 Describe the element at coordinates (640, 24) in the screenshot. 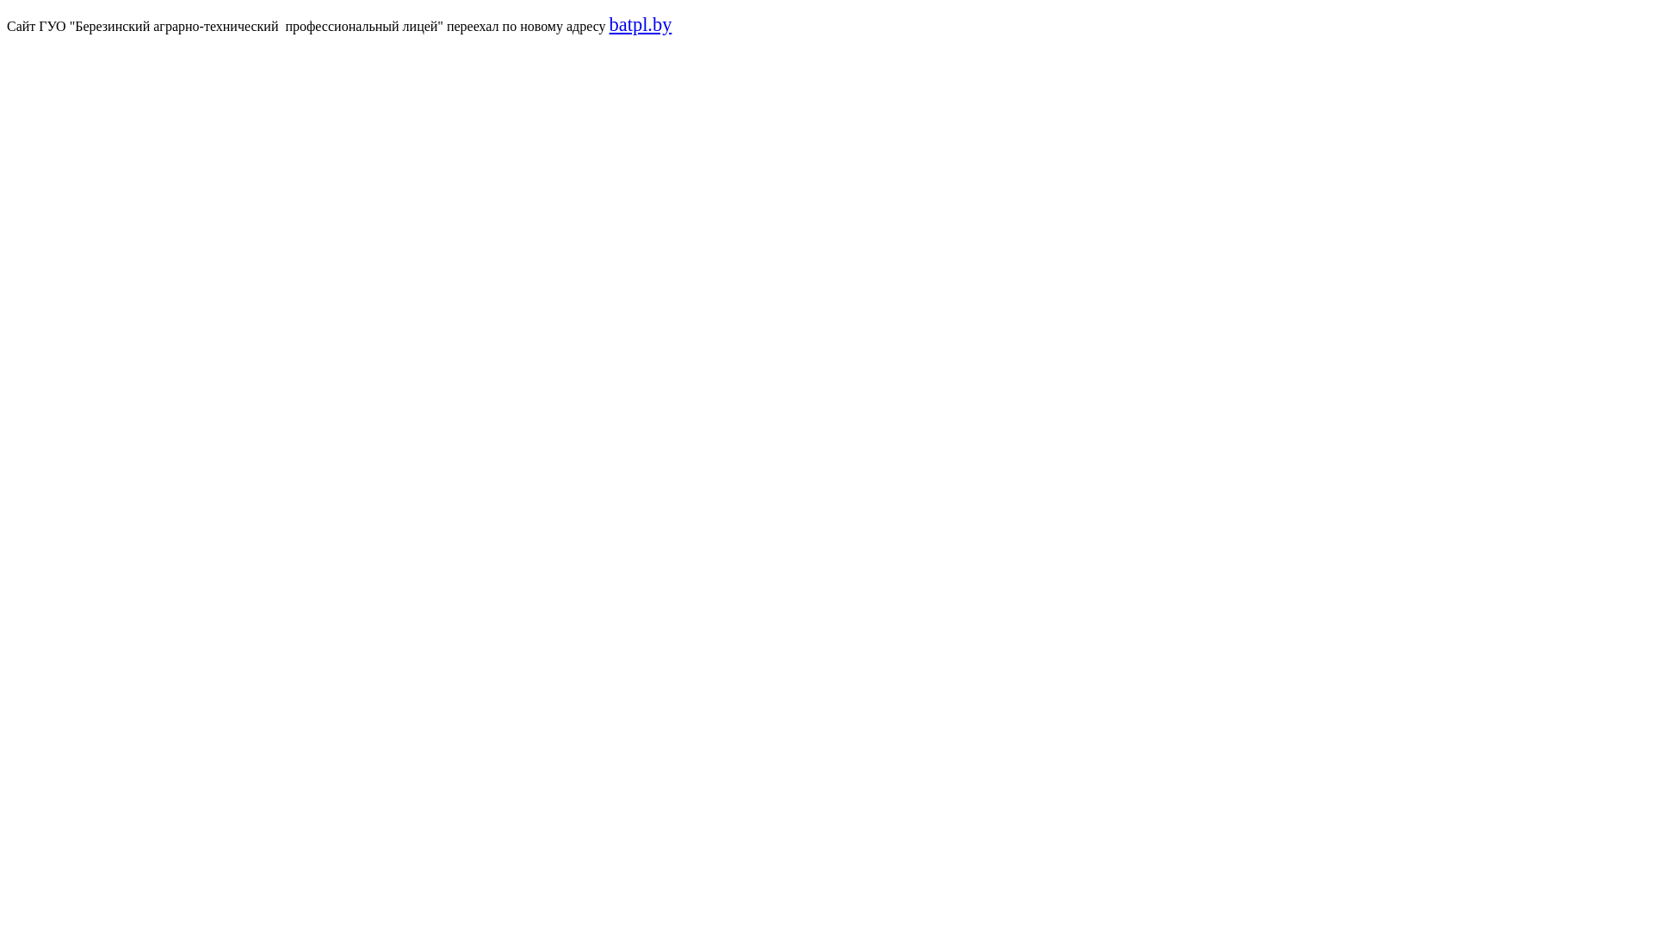

I see `'batpl.by'` at that location.